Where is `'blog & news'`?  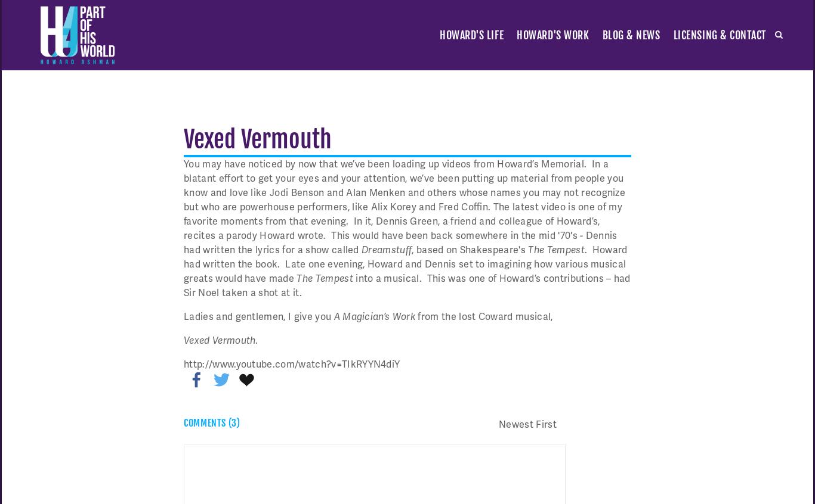 'blog & news' is located at coordinates (630, 34).